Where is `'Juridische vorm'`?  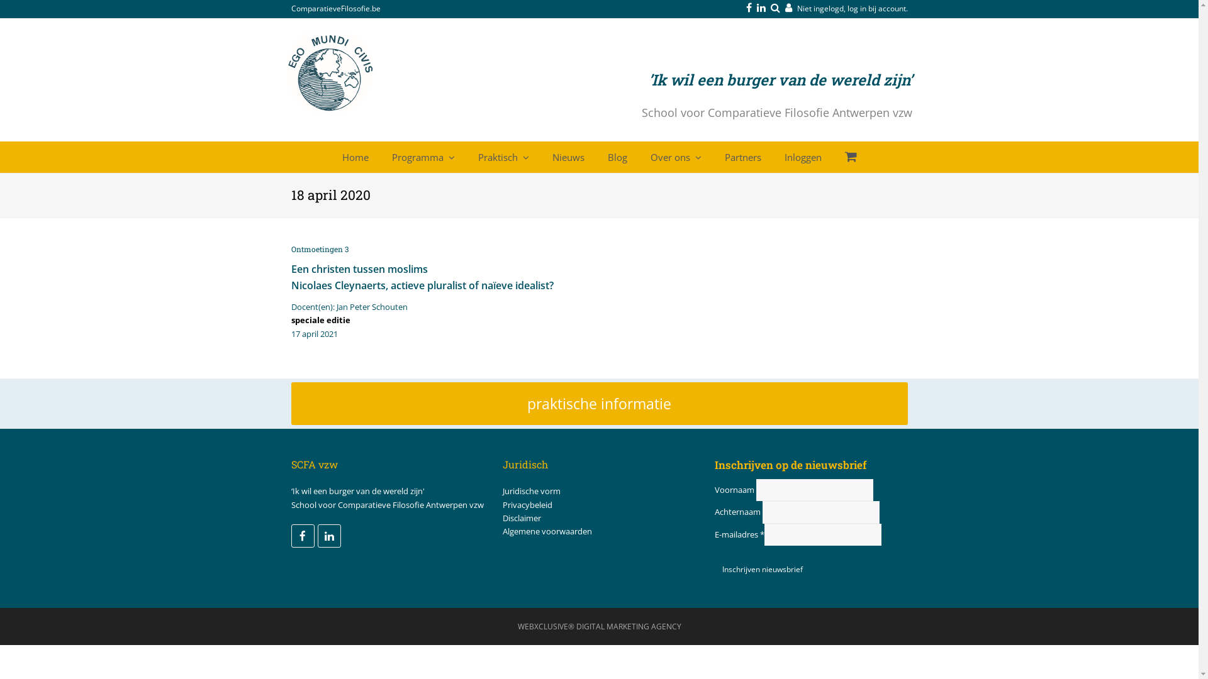
'Juridische vorm' is located at coordinates (531, 490).